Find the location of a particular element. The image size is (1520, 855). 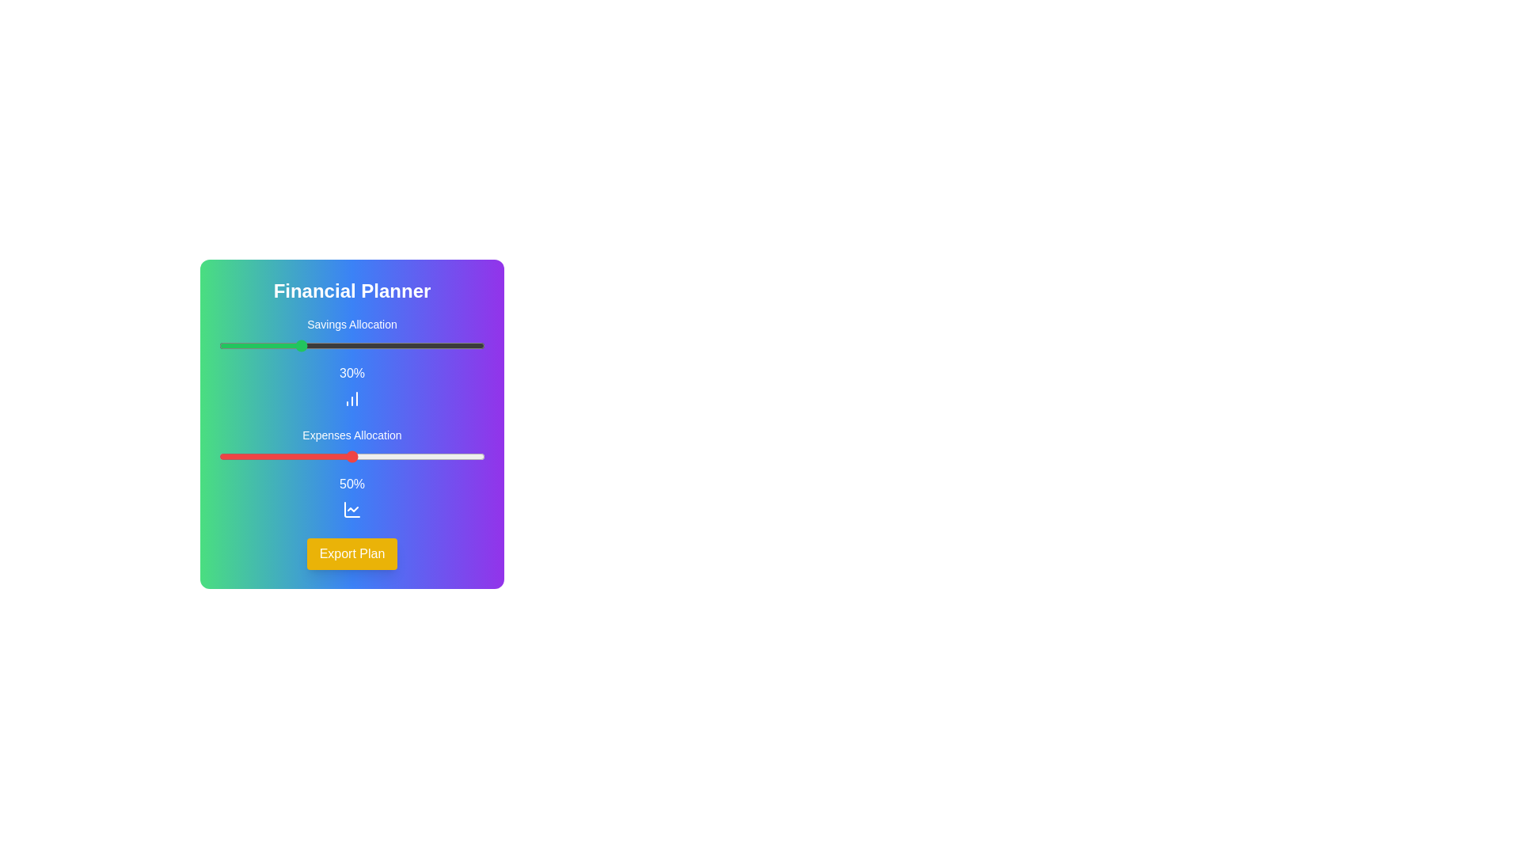

the Expenses Allocation slider is located at coordinates (413, 457).